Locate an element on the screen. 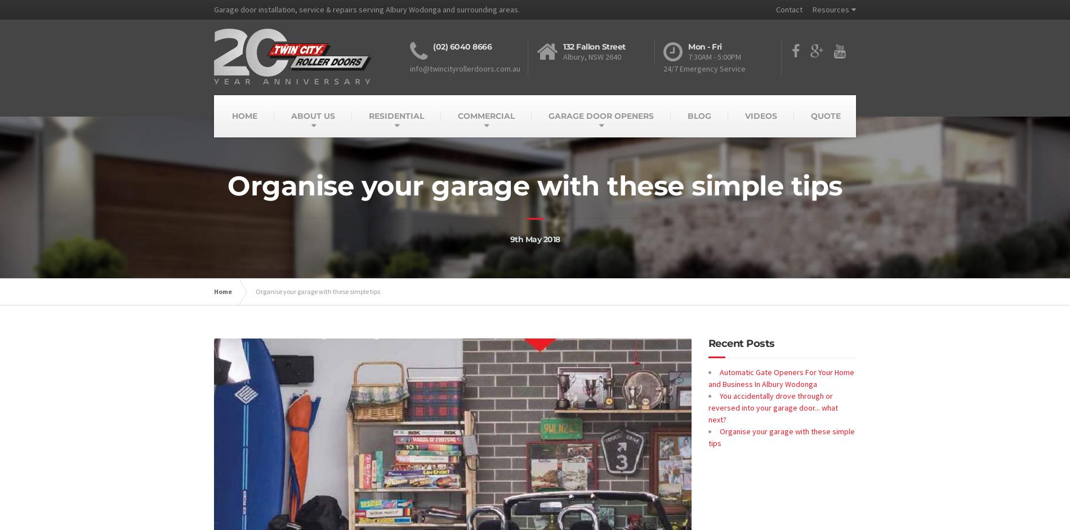  'Contact' is located at coordinates (788, 10).